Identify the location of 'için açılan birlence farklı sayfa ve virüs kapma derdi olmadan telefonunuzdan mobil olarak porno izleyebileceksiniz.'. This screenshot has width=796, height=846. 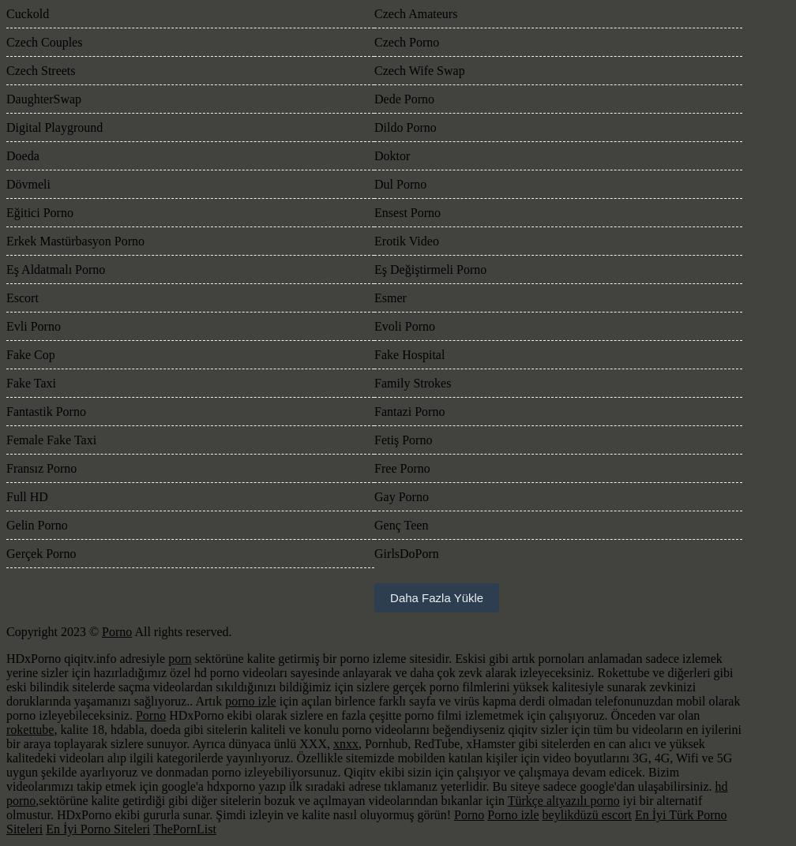
(6, 708).